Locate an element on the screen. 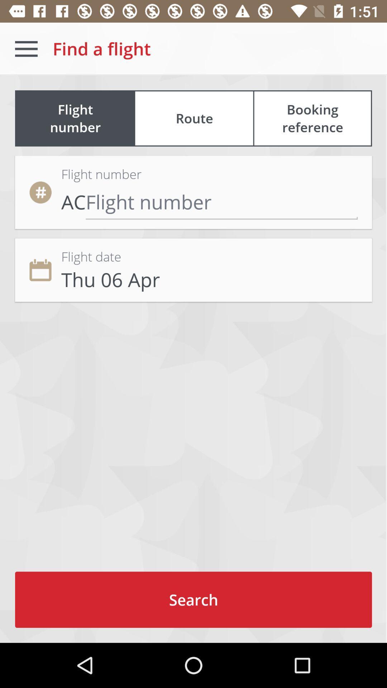  flight number input area is located at coordinates (221, 201).